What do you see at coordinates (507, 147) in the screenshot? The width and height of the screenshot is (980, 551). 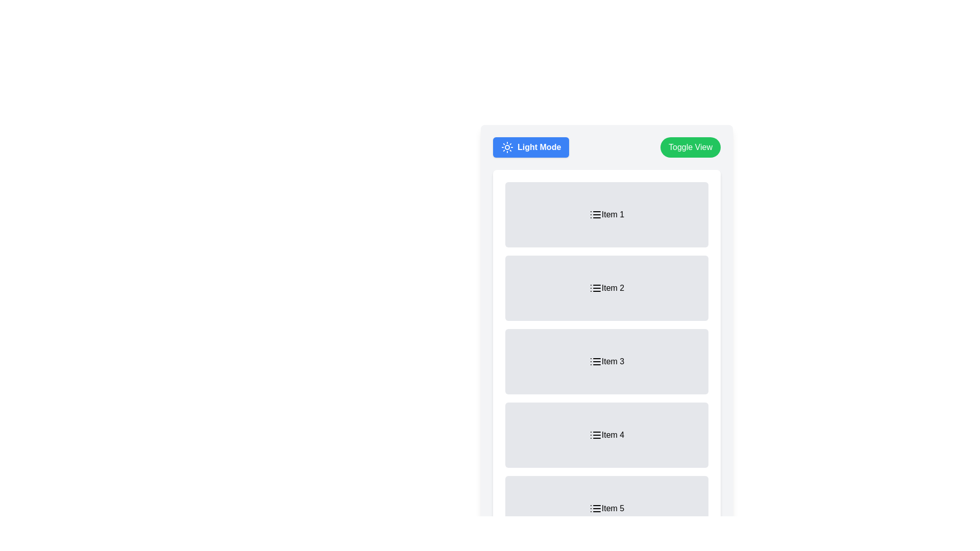 I see `the sun icon located inside the blue 'Light Mode' button to trigger potential hover effects` at bounding box center [507, 147].